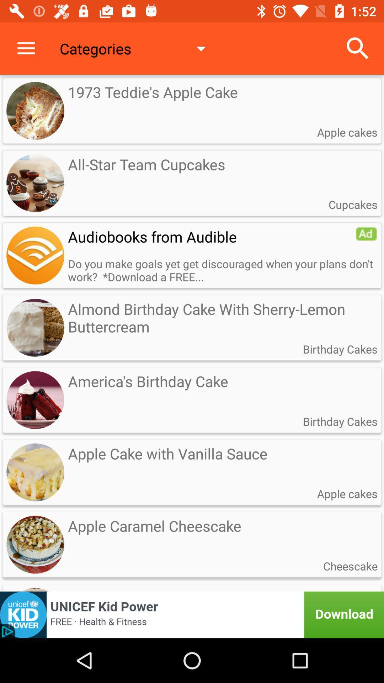 The image size is (384, 683). Describe the element at coordinates (192, 614) in the screenshot. I see `download the app` at that location.